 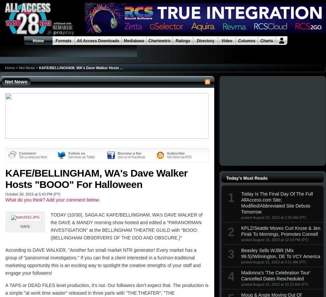 I want to click on 'Video', so click(x=227, y=41).